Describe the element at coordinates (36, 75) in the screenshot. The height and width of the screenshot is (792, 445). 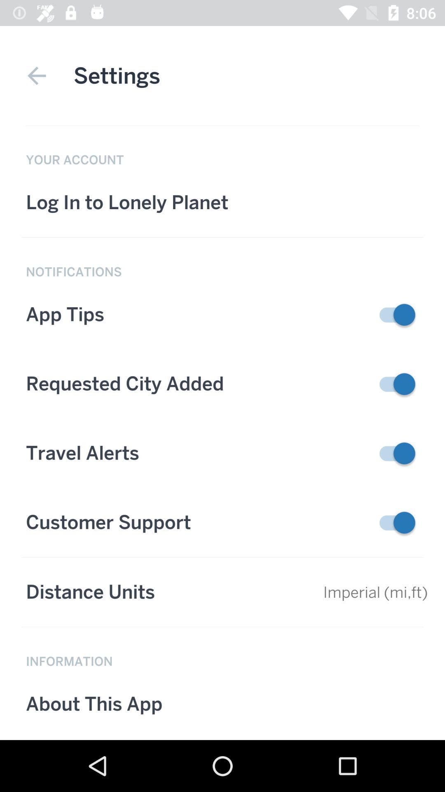
I see `the arrow_backward icon` at that location.